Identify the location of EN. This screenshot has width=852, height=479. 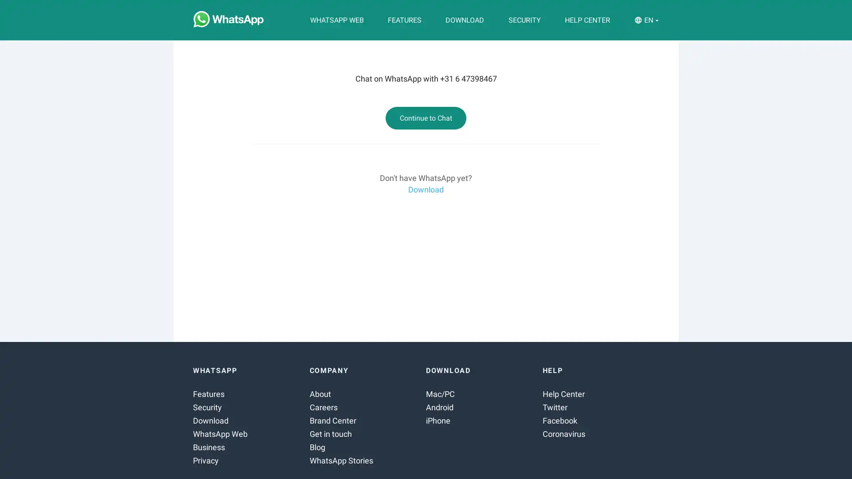
(647, 20).